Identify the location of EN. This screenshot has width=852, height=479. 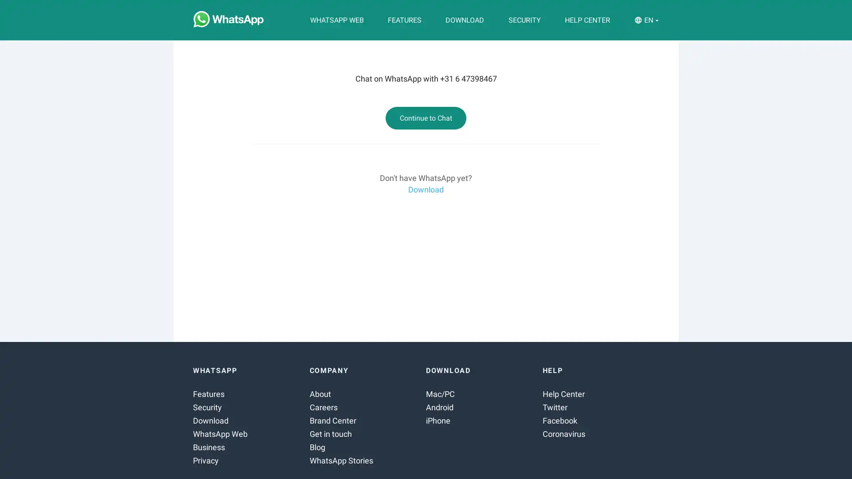
(647, 20).